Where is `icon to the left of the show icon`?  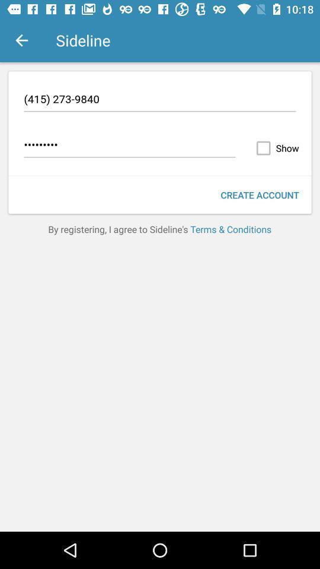 icon to the left of the show icon is located at coordinates (129, 146).